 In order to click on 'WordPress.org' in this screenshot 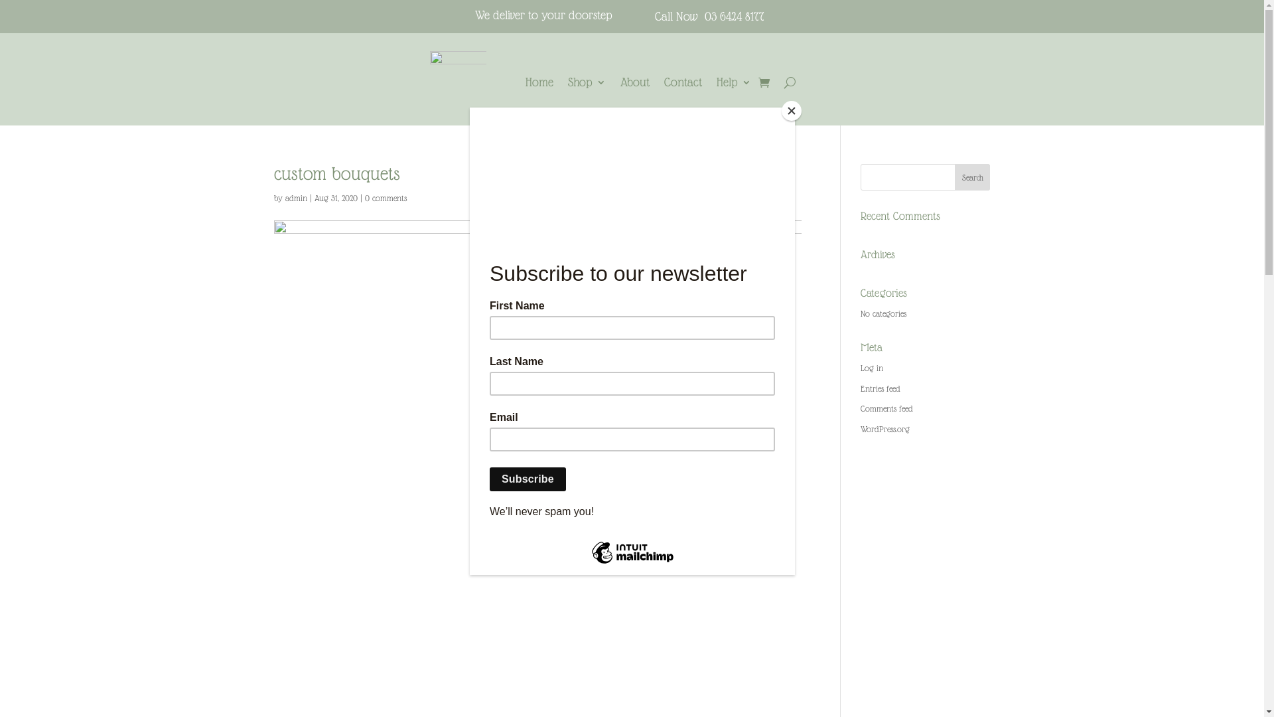, I will do `click(885, 429)`.